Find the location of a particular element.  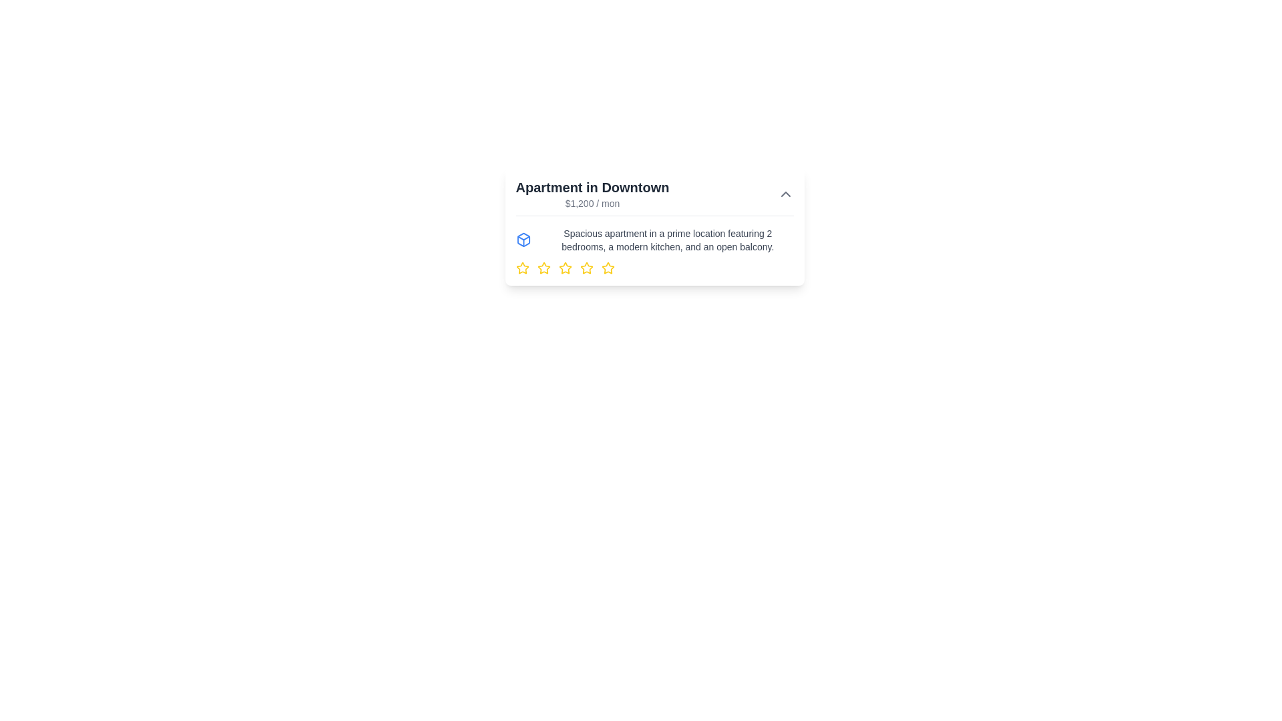

the third star icon with a yellow outline, which is part of a horizontal arrangement of five stars representing a rating option, located below the description text about an apartment listing is located at coordinates (544, 268).